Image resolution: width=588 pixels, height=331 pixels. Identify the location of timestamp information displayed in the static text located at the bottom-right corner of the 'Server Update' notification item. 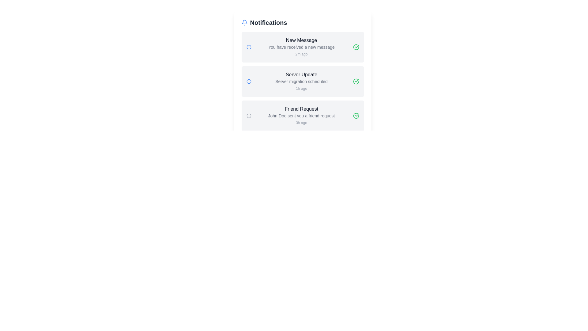
(301, 89).